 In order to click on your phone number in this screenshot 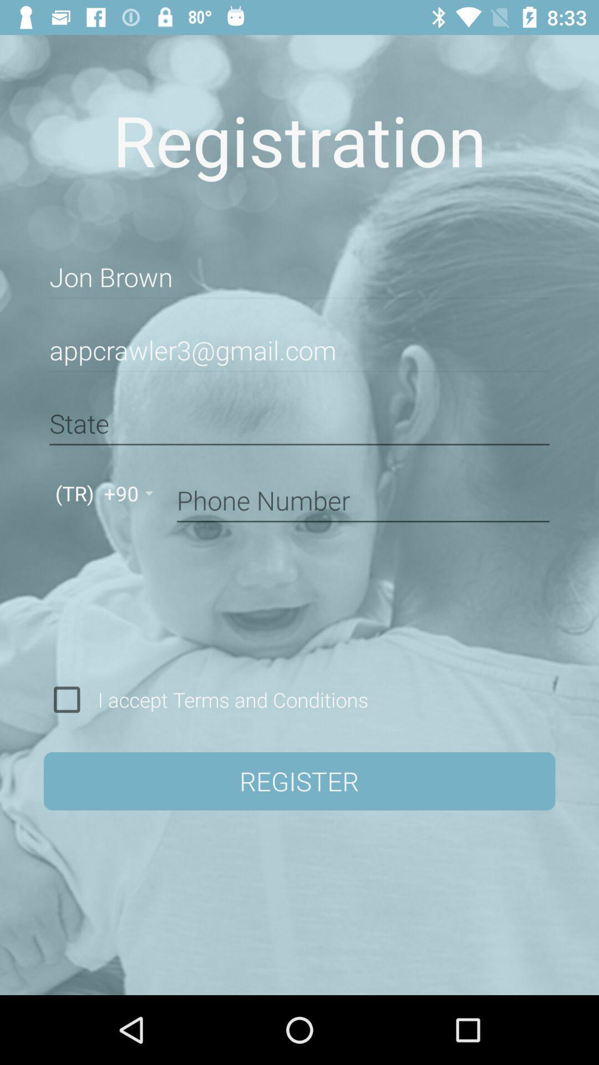, I will do `click(363, 498)`.